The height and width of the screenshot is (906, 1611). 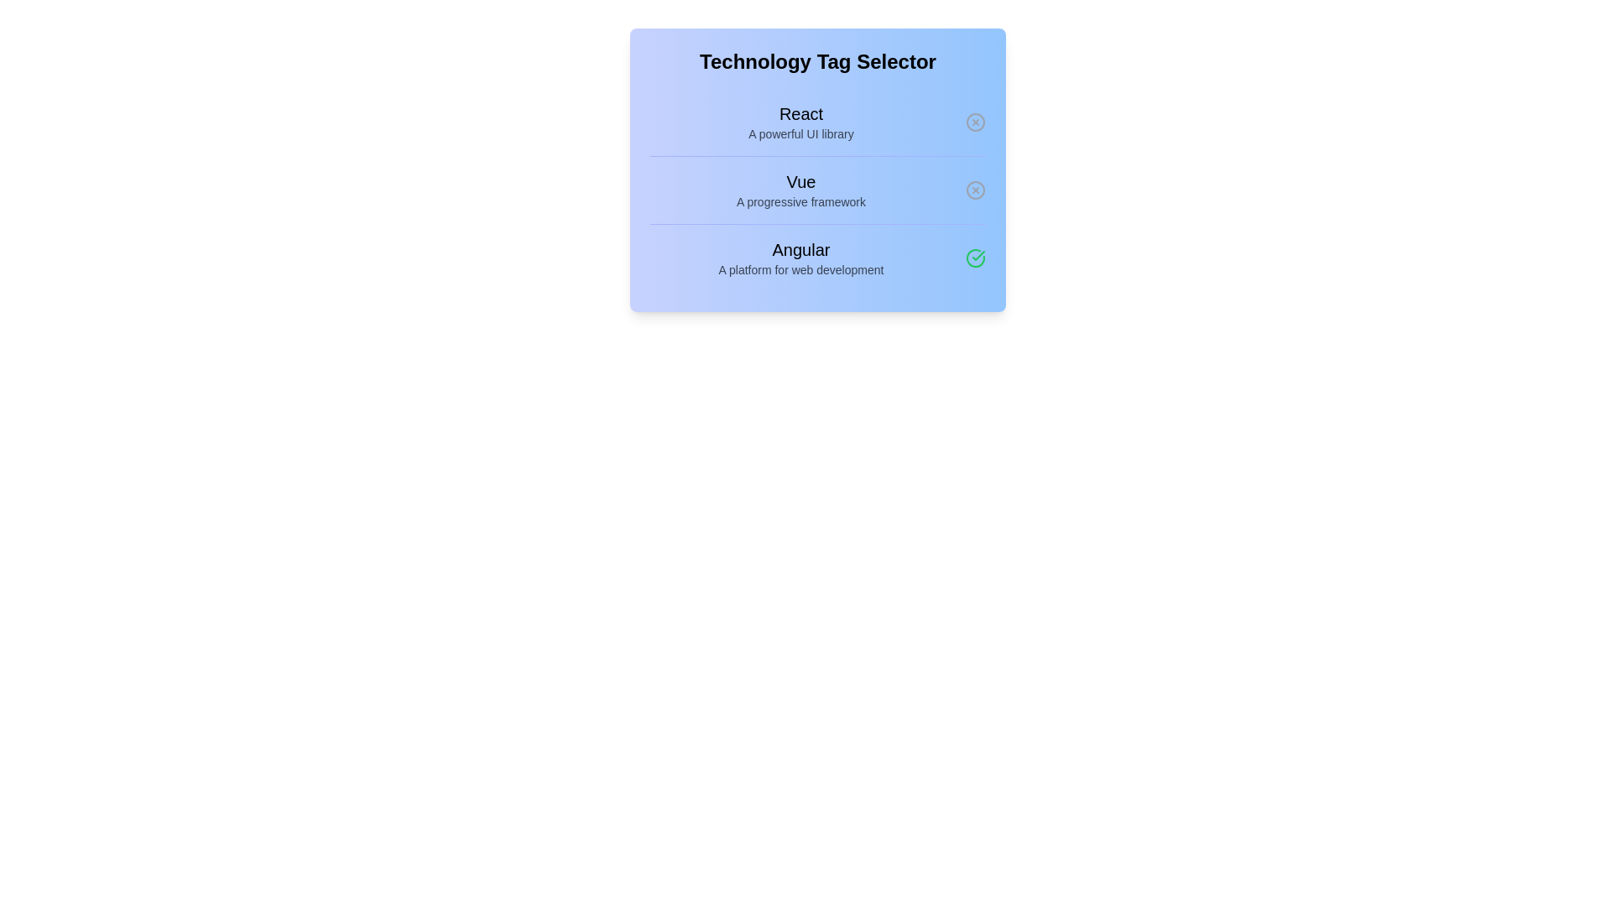 What do you see at coordinates (975, 190) in the screenshot?
I see `the tag Vue by clicking its corresponding button` at bounding box center [975, 190].